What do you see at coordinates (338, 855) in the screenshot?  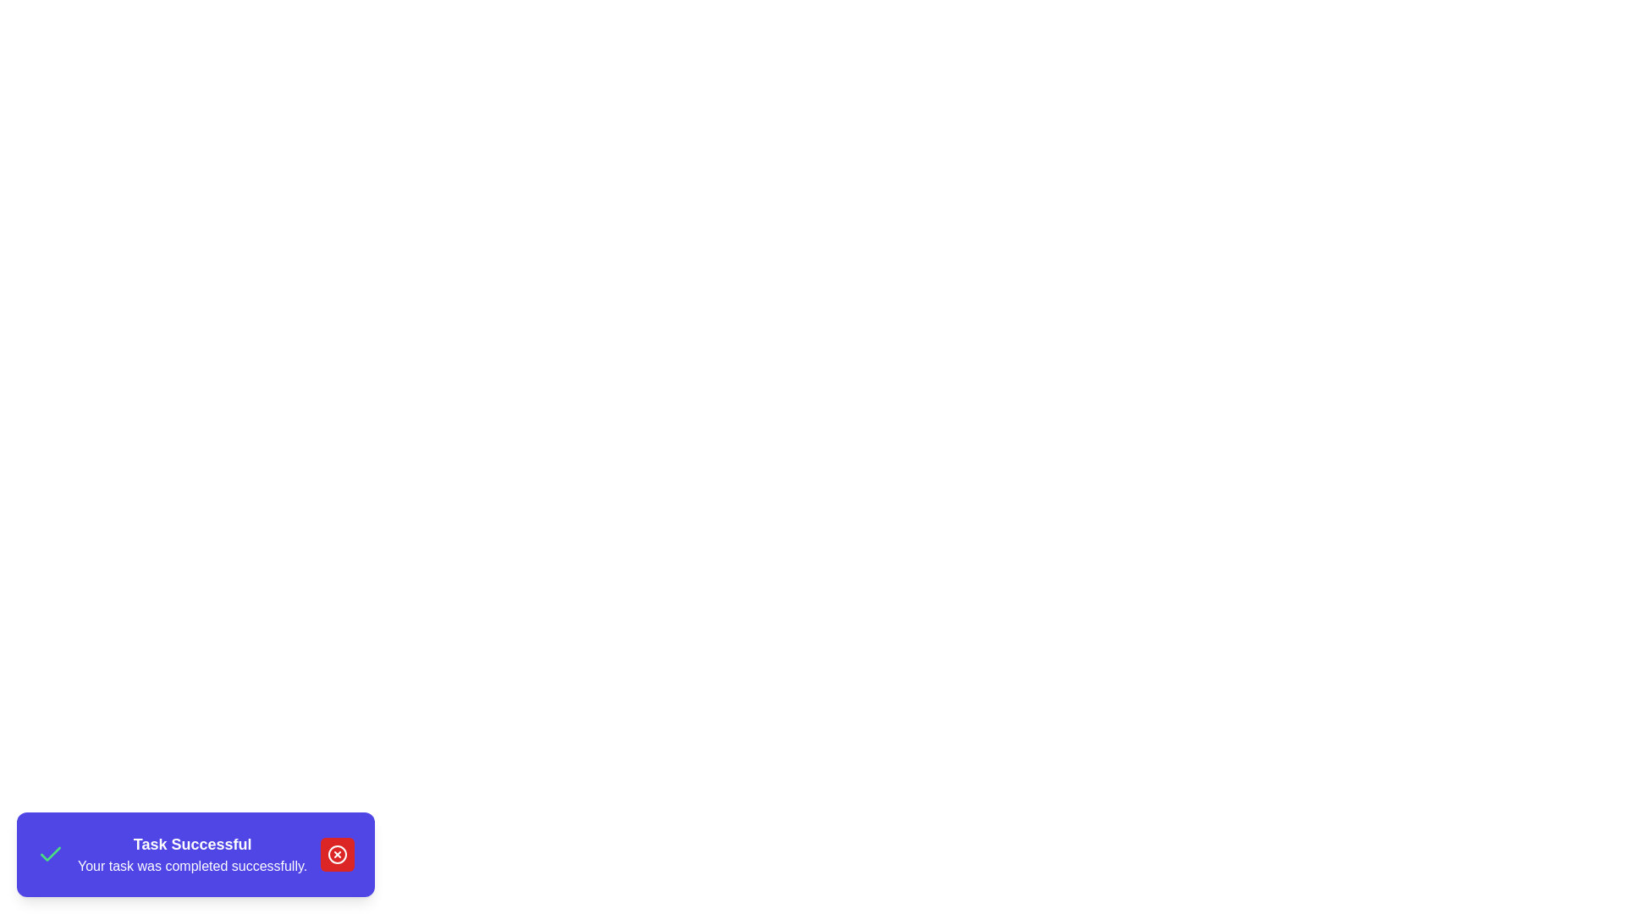 I see `the close button to dismiss the snackbar` at bounding box center [338, 855].